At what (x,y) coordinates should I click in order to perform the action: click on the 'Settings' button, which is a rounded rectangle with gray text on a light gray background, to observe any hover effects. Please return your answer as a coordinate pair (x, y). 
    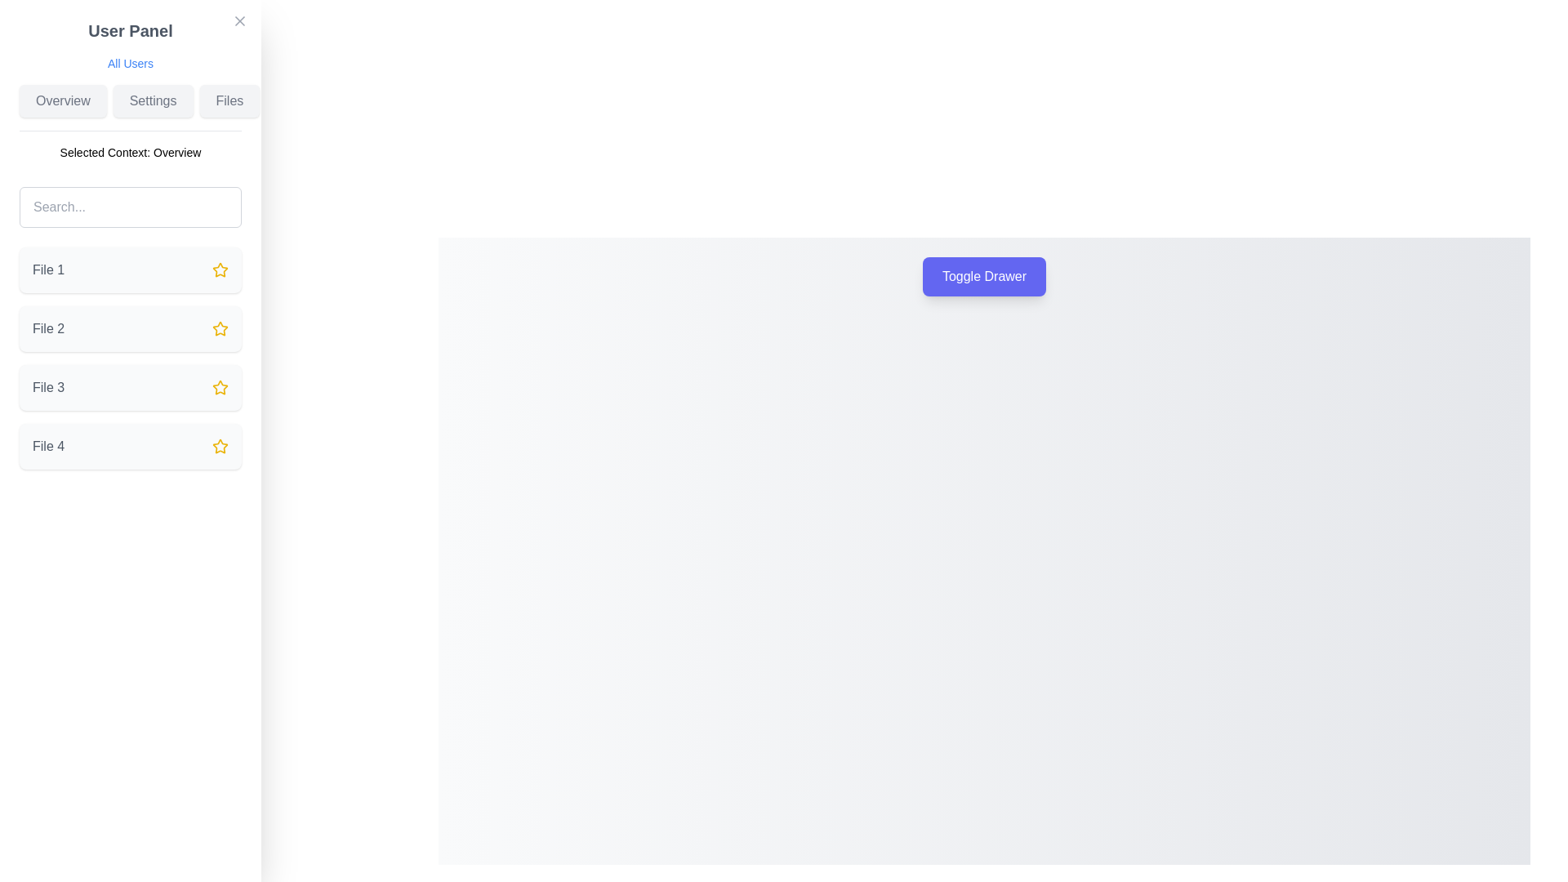
    Looking at the image, I should click on (153, 100).